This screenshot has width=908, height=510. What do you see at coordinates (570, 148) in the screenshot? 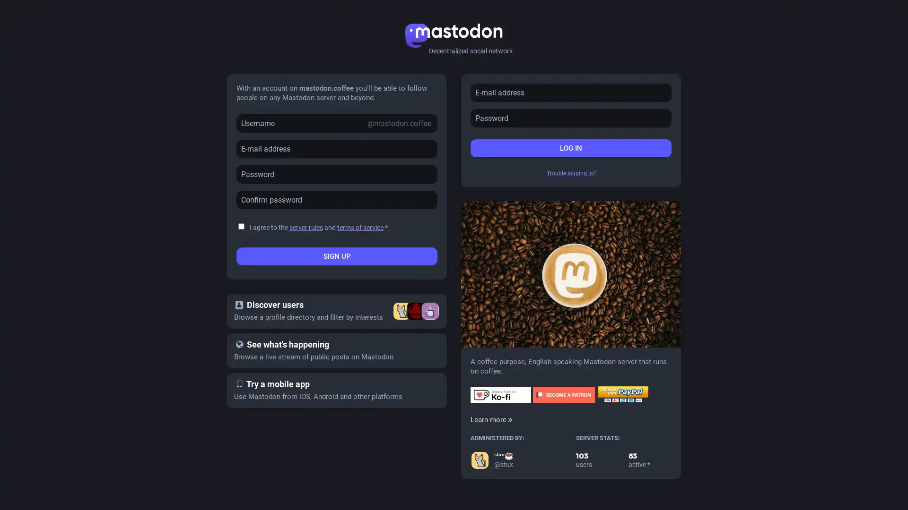
I see `LOG IN` at bounding box center [570, 148].